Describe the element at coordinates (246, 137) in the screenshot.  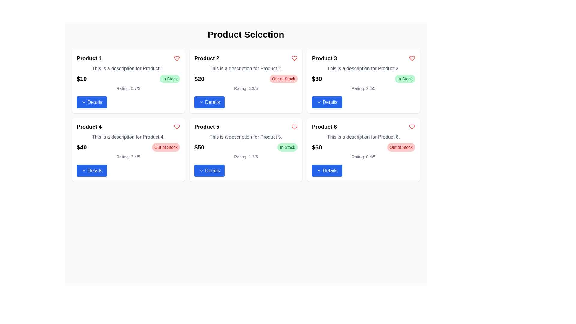
I see `the descriptive text element for 'Product 5' located in the middle section of the grid layout, situated beneath the product title and above the price and stock information` at that location.